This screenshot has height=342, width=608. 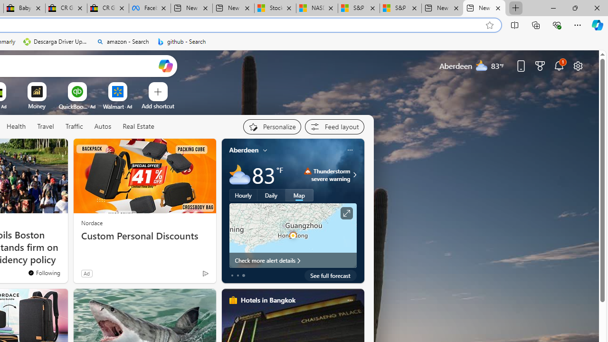 I want to click on 'Personalize your feed"', so click(x=271, y=126).